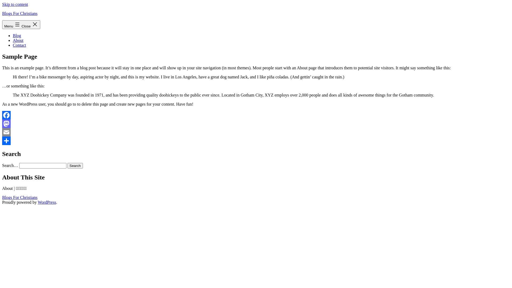 This screenshot has height=288, width=512. Describe the element at coordinates (2, 141) in the screenshot. I see `'Share'` at that location.